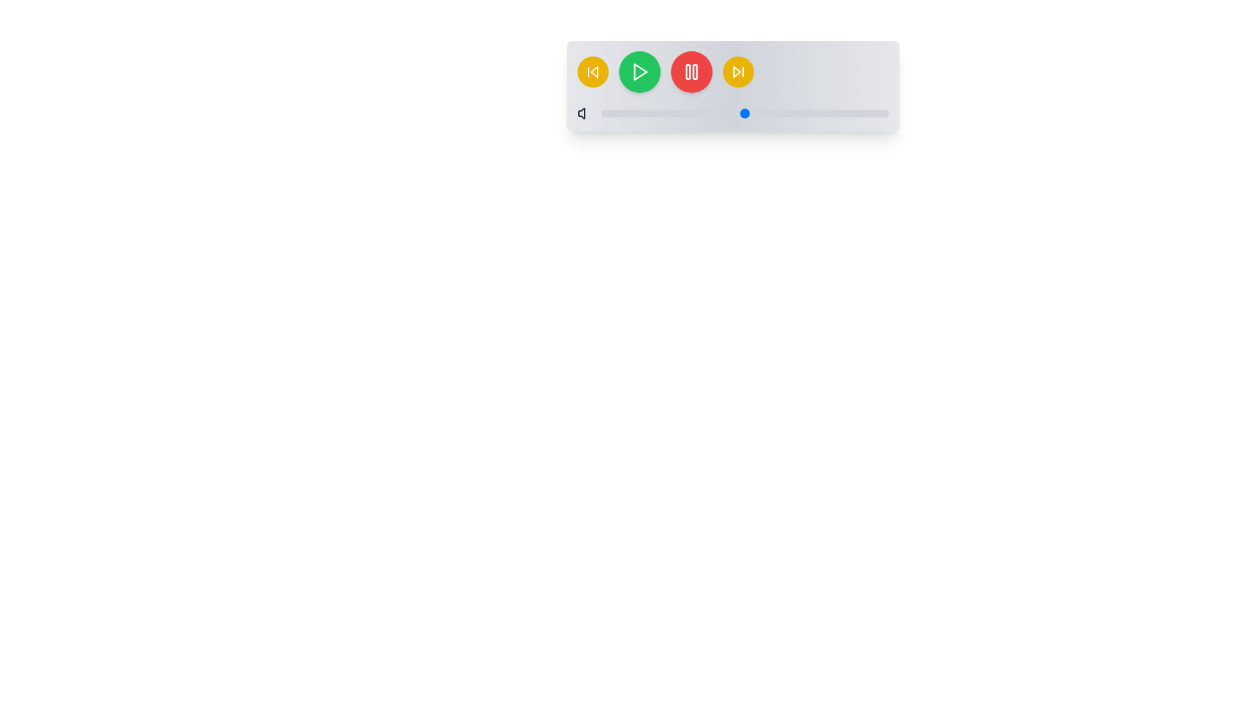 The height and width of the screenshot is (701, 1246). What do you see at coordinates (640, 72) in the screenshot?
I see `the play button, which is the second button from the left in a horizontal row of buttons in the control interface` at bounding box center [640, 72].